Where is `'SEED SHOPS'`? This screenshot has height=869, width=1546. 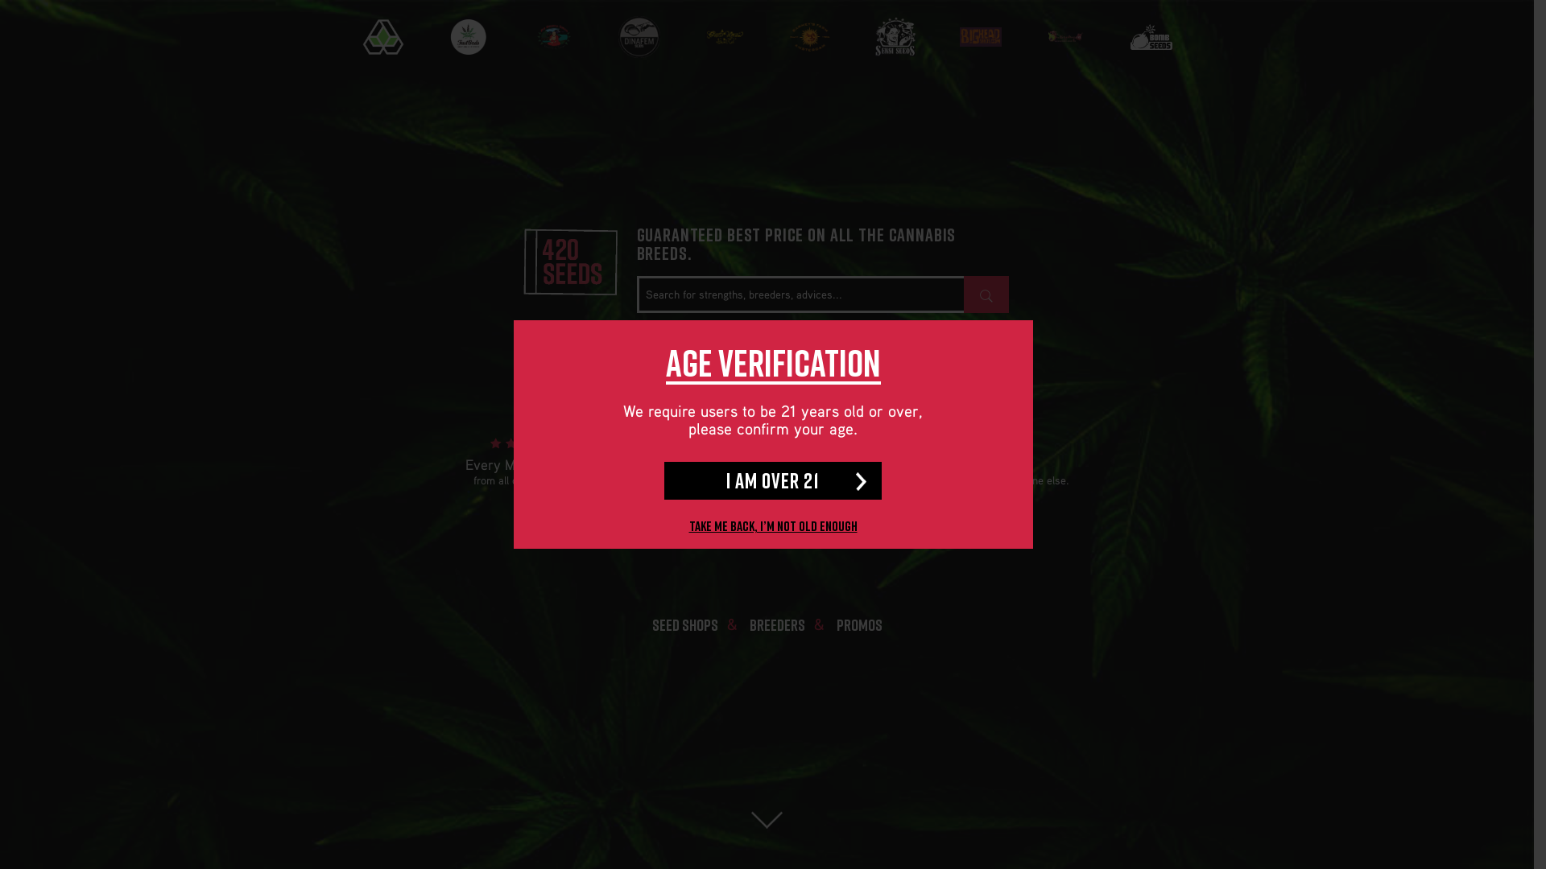 'SEED SHOPS' is located at coordinates (684, 623).